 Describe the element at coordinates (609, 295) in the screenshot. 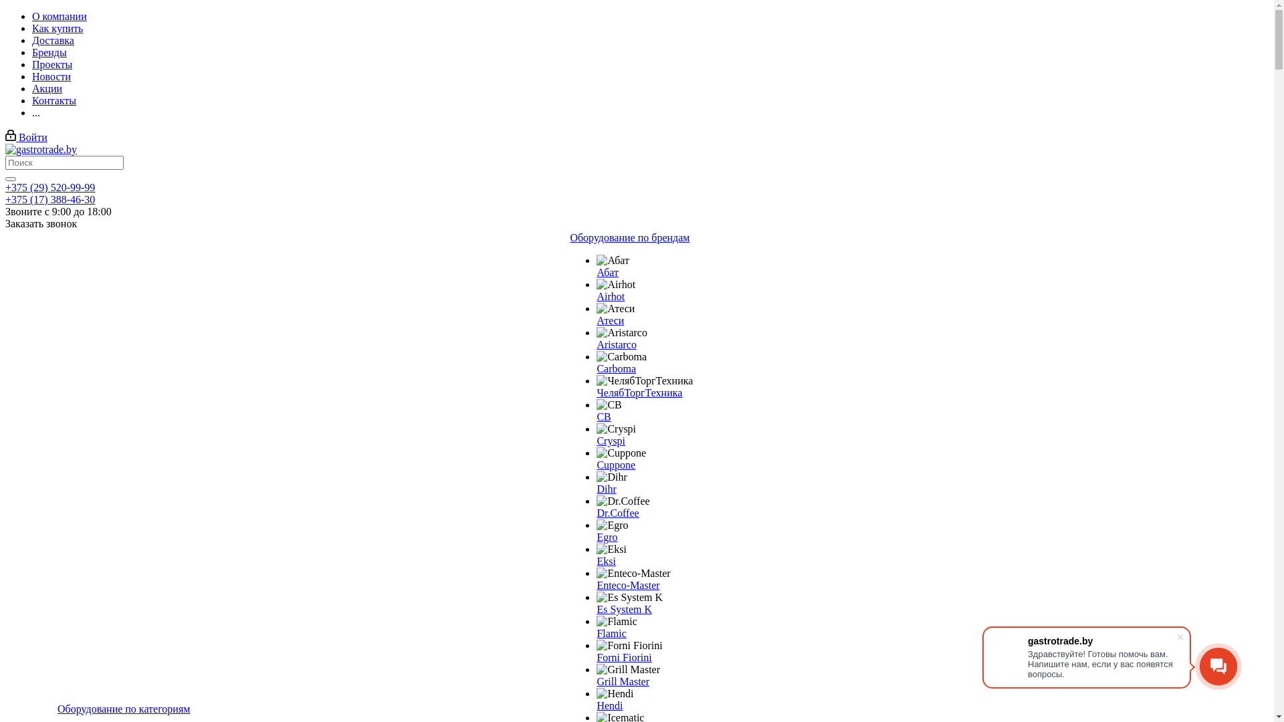

I see `'Airhot'` at that location.